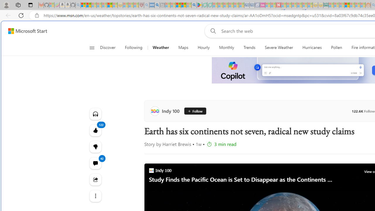 The width and height of the screenshot is (375, 211). I want to click on 'Listen to this article', so click(95, 114).